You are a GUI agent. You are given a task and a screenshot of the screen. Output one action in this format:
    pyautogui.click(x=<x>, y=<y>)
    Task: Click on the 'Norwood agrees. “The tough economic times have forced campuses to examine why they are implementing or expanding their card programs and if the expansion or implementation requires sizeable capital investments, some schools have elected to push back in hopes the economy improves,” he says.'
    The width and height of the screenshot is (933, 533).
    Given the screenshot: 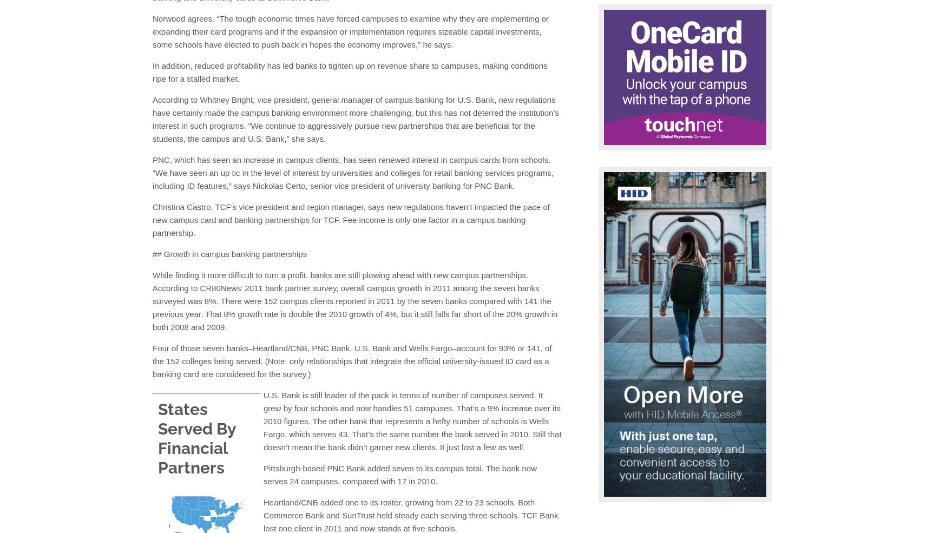 What is the action you would take?
    pyautogui.click(x=350, y=31)
    